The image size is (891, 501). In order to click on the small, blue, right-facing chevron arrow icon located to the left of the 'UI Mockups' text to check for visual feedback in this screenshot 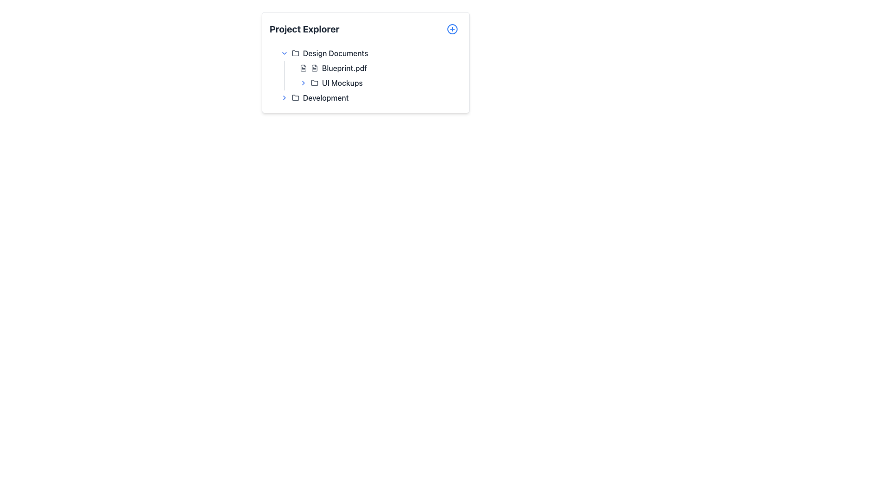, I will do `click(303, 82)`.